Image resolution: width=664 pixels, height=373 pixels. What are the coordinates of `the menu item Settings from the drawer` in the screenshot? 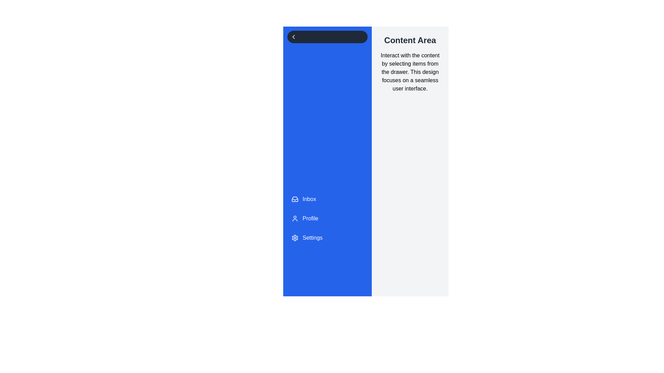 It's located at (327, 238).